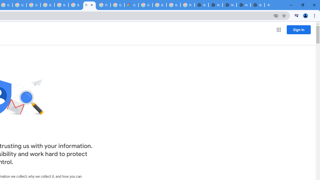  What do you see at coordinates (33, 5) in the screenshot?
I see `'Sign in - Google Accounts'` at bounding box center [33, 5].